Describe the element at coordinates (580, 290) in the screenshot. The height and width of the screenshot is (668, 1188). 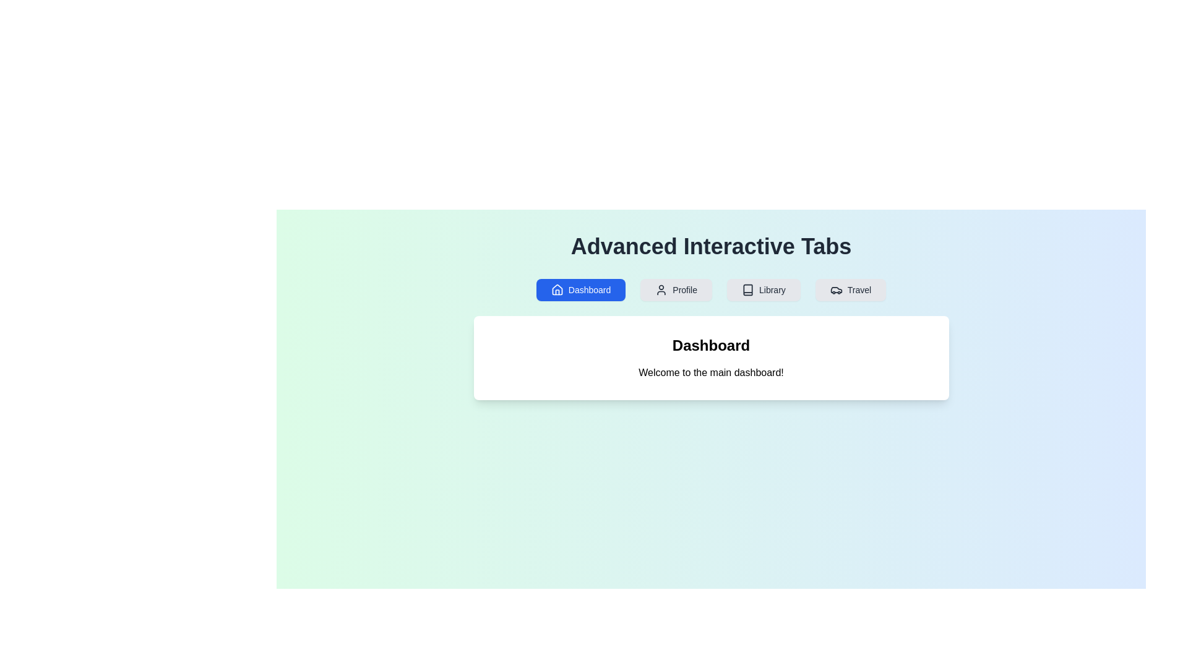
I see `the navigation button located in the top-center region of the interface, to the left of the 'Profile' button, to trigger a hover effect` at that location.